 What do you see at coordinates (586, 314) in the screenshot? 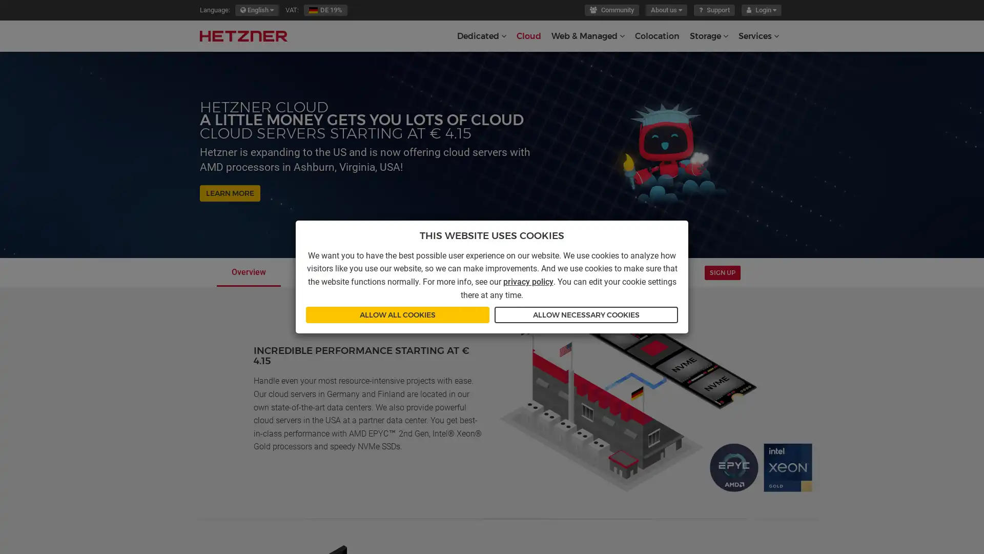
I see `ALLOW NECESSARY COOKIES` at bounding box center [586, 314].